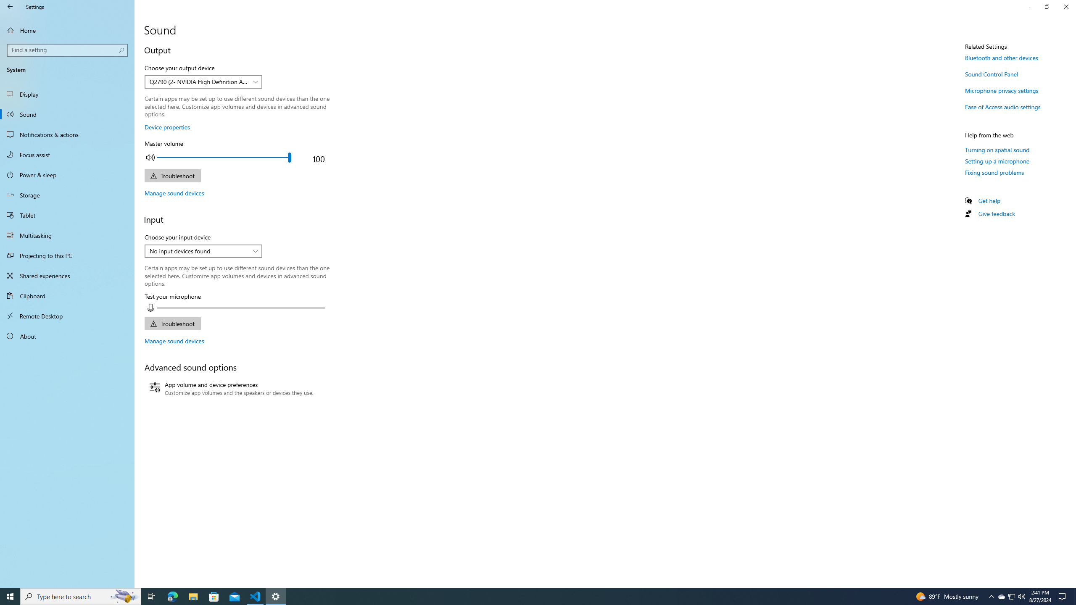 The image size is (1076, 605). What do you see at coordinates (994, 172) in the screenshot?
I see `'Fixing sound problems'` at bounding box center [994, 172].